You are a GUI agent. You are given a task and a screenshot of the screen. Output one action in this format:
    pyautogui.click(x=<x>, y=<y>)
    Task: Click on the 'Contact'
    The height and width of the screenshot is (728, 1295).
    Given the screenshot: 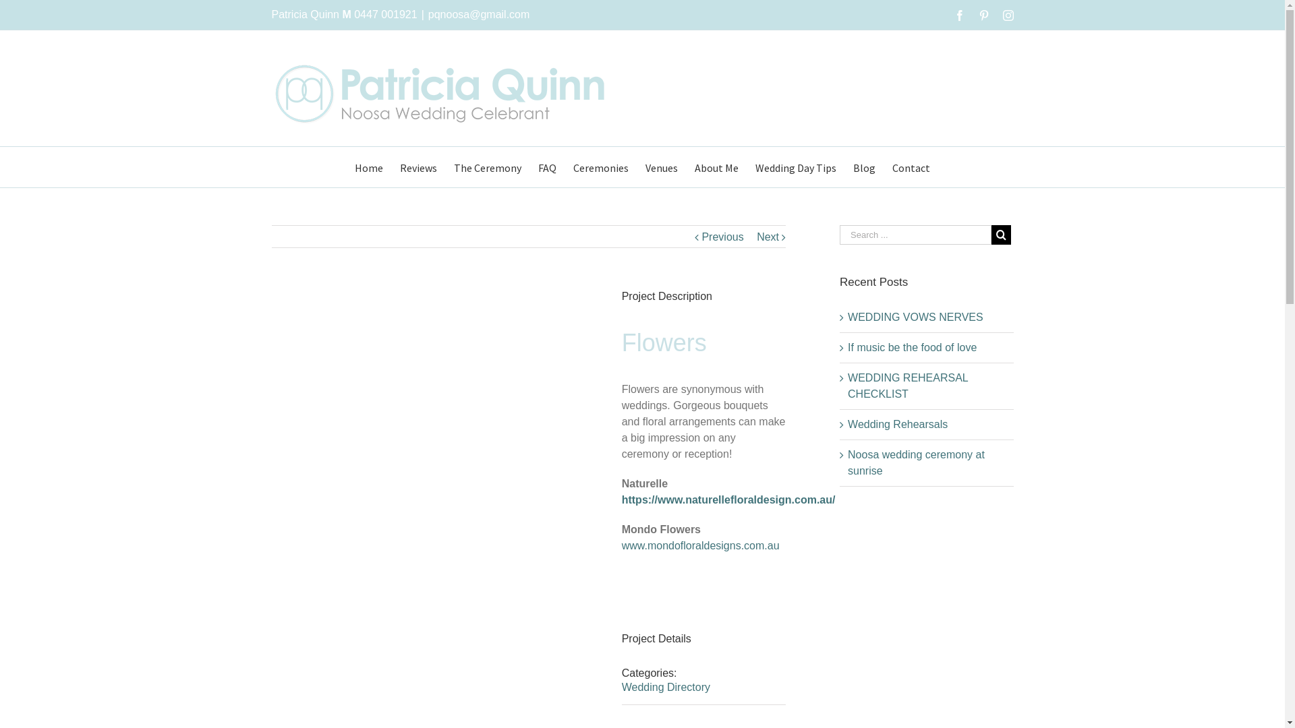 What is the action you would take?
    pyautogui.click(x=892, y=166)
    